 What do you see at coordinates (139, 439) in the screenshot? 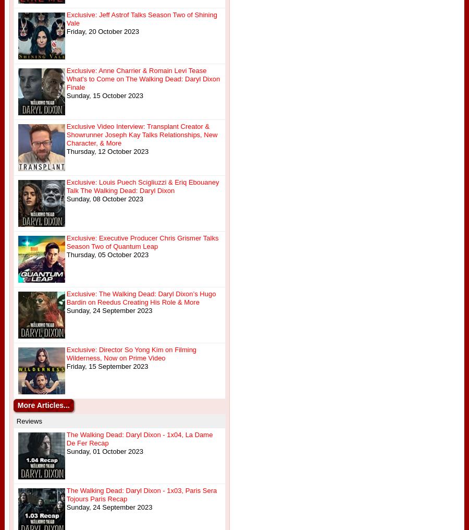
I see `'The Walking Dead: Daryl Dixon - 1x04, La Dame De Fer Recap'` at bounding box center [139, 439].